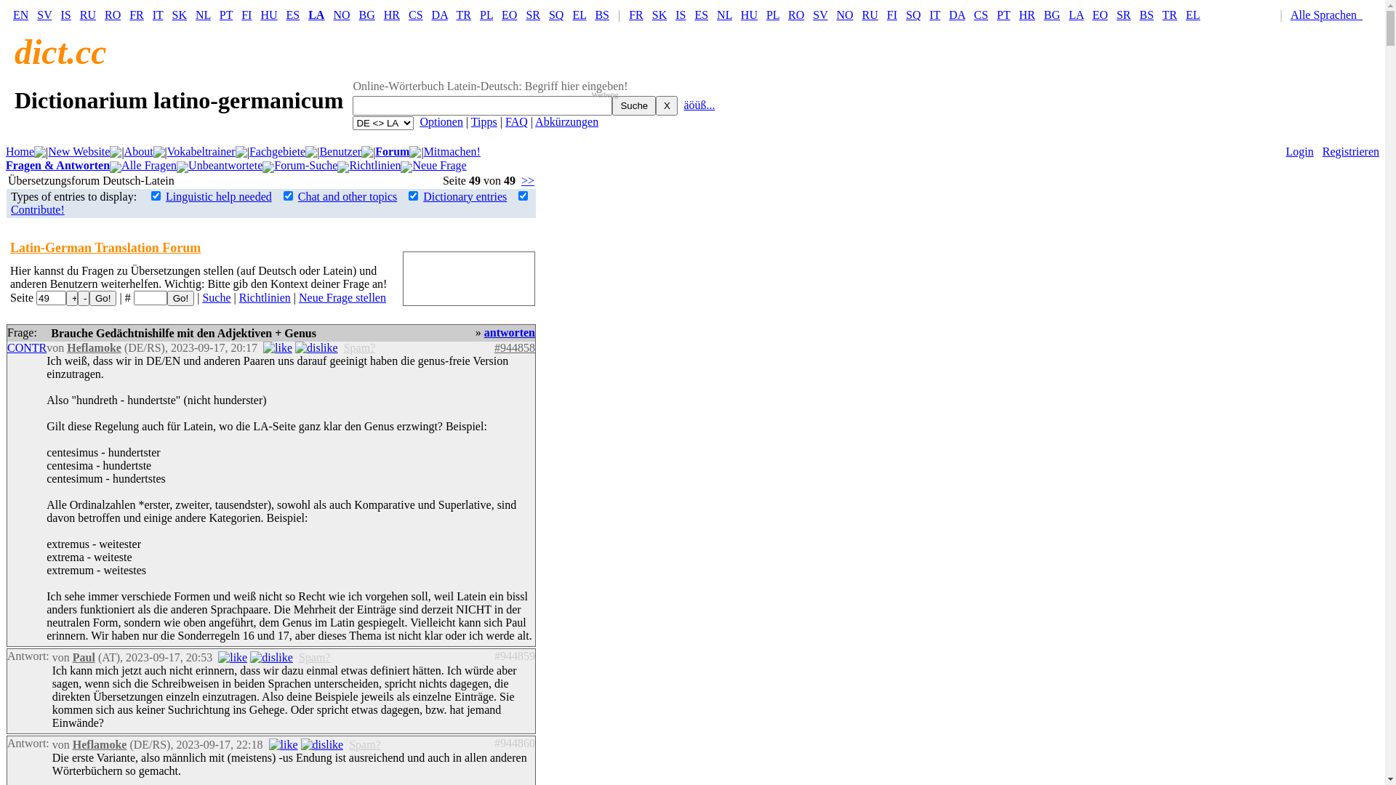 The height and width of the screenshot is (785, 1396). I want to click on 'DA', so click(438, 15).